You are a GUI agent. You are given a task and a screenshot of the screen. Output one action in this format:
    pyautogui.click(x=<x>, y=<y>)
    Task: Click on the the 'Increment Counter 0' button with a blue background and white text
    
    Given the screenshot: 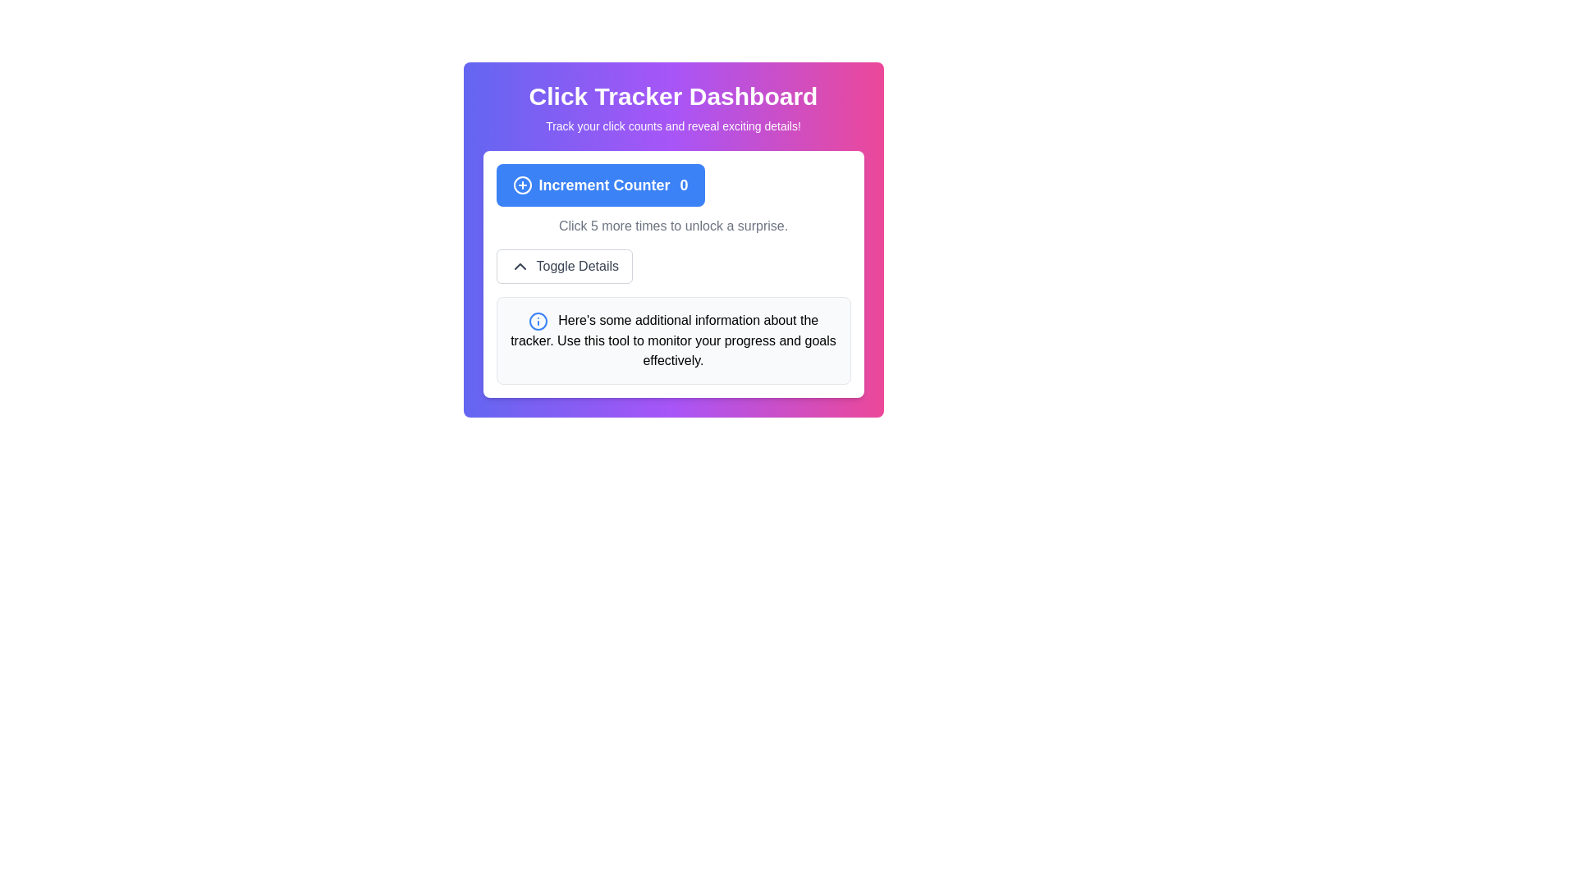 What is the action you would take?
    pyautogui.click(x=599, y=185)
    